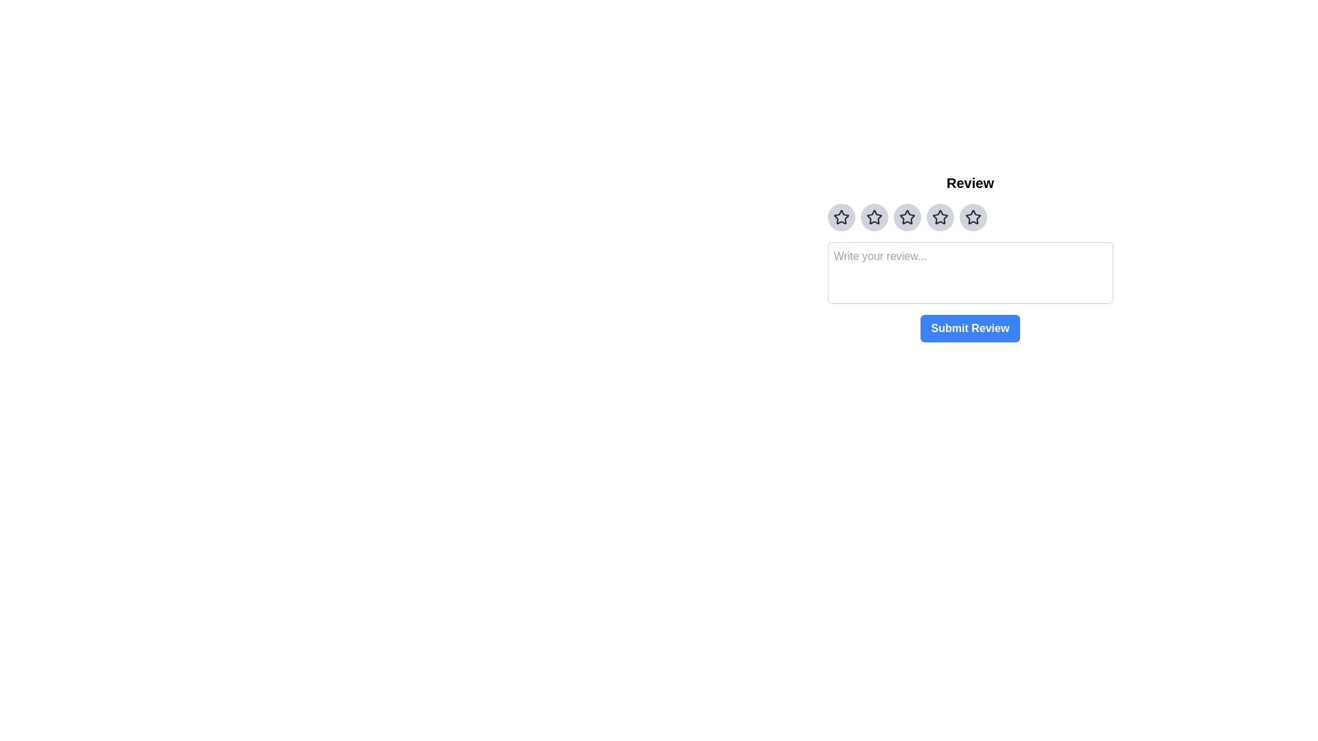 Image resolution: width=1318 pixels, height=741 pixels. What do you see at coordinates (873, 216) in the screenshot?
I see `the third star icon in the rating scale` at bounding box center [873, 216].